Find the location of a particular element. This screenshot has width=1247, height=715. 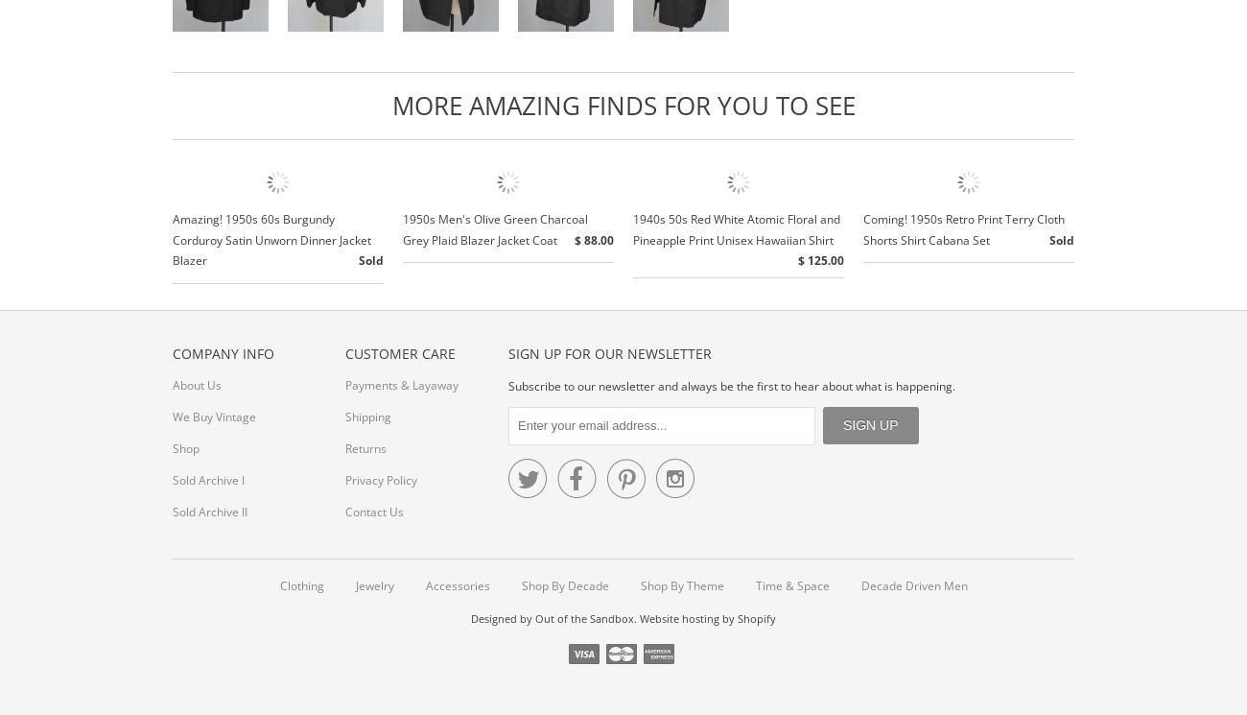

'1950s Men's Olive Green Charcoal Grey Plaid Blazer Jacket Coat' is located at coordinates (495, 227).